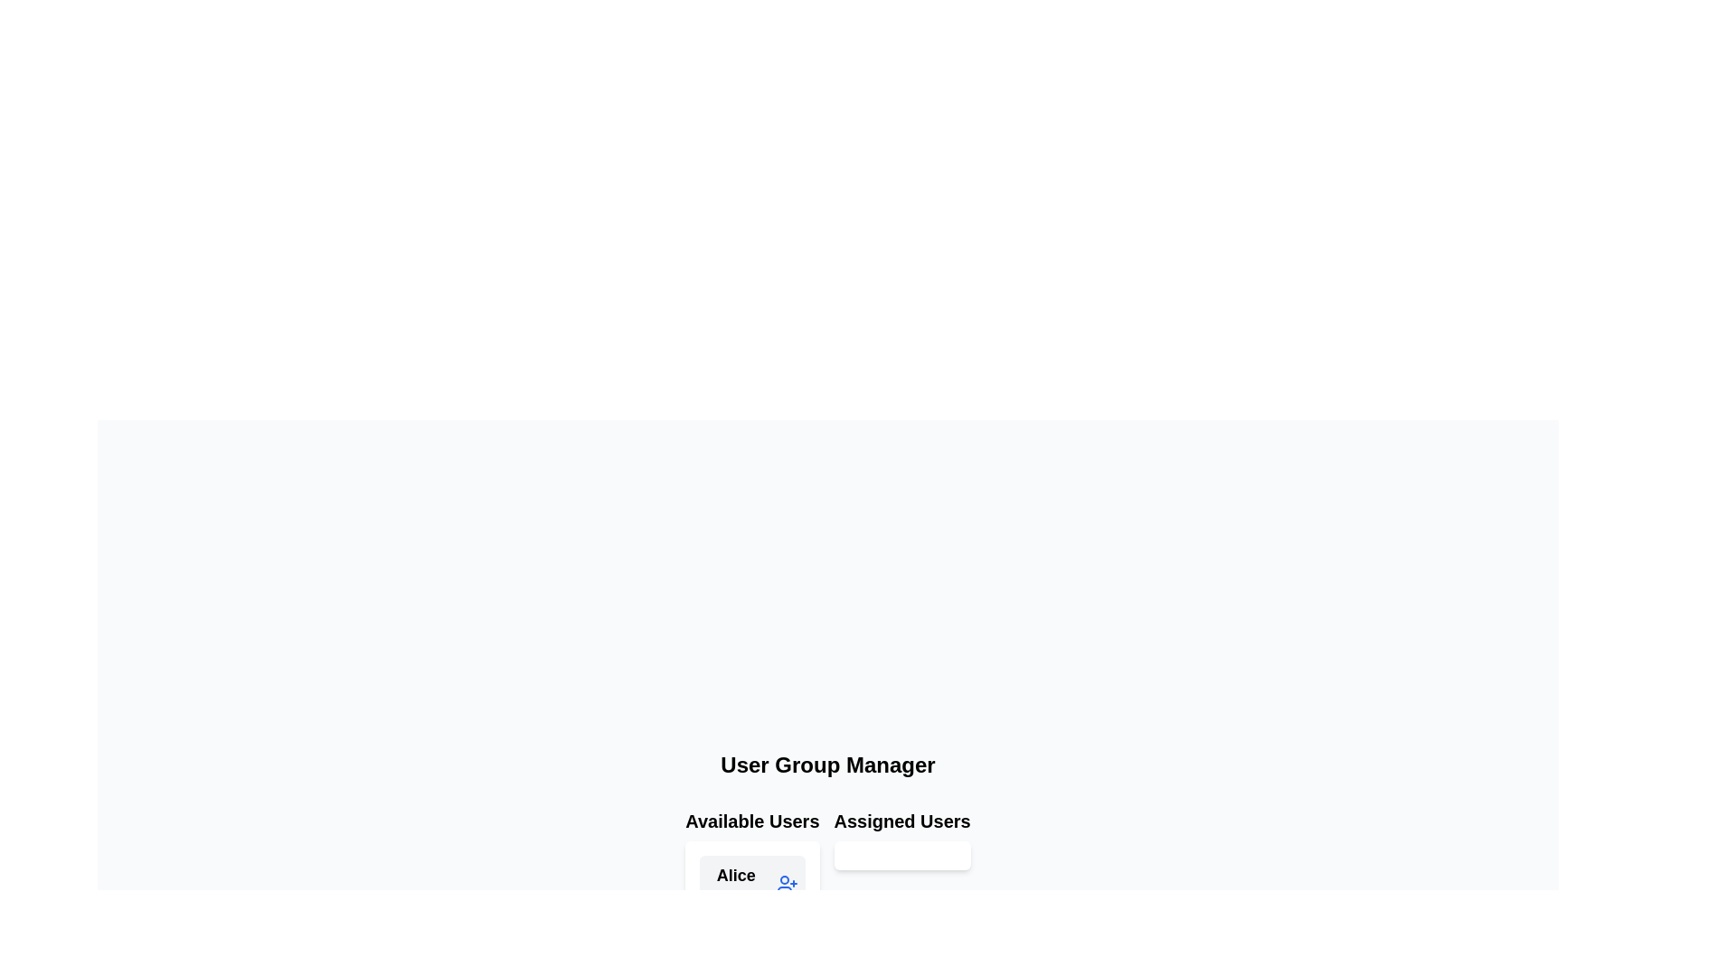 This screenshot has width=1736, height=976. I want to click on '+' icon next to the user 'Alice' in the 'Available Users' list, so click(787, 884).